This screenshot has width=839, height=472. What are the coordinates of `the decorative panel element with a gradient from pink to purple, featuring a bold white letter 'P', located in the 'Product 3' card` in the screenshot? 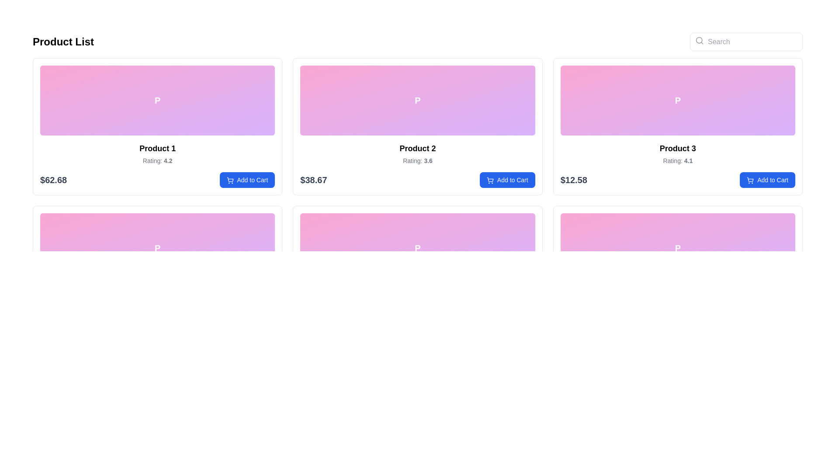 It's located at (677, 100).